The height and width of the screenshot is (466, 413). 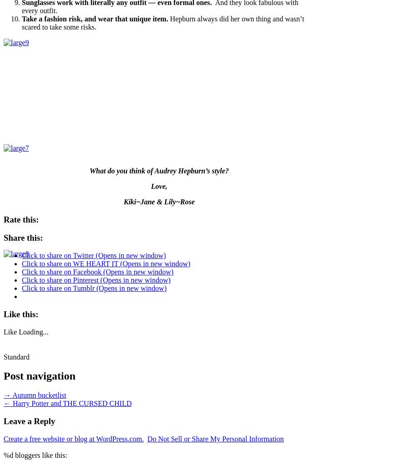 I want to click on 'Hepburn always did her own thing and wasn’t scared to take some risks.', so click(x=163, y=22).